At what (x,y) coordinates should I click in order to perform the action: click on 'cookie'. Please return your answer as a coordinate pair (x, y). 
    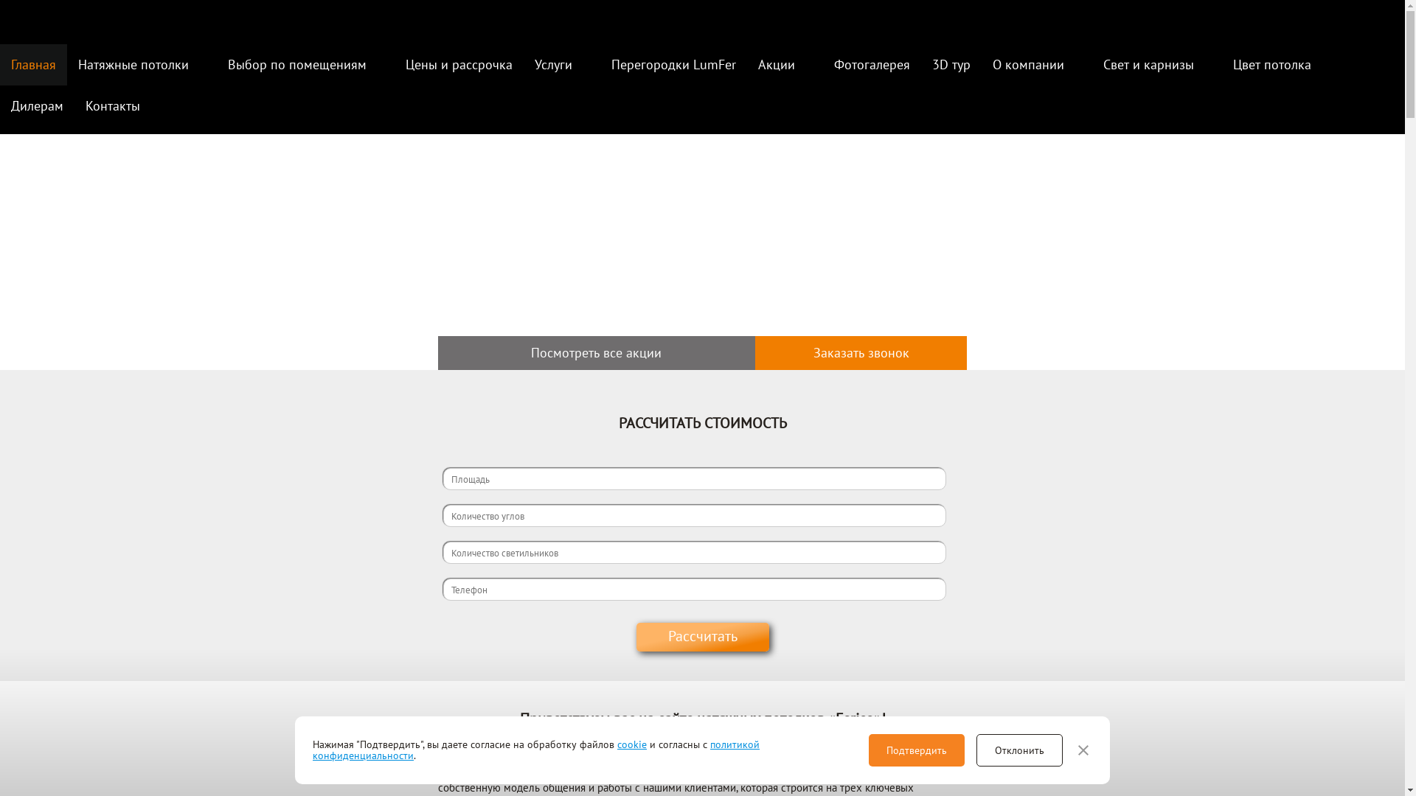
    Looking at the image, I should click on (632, 744).